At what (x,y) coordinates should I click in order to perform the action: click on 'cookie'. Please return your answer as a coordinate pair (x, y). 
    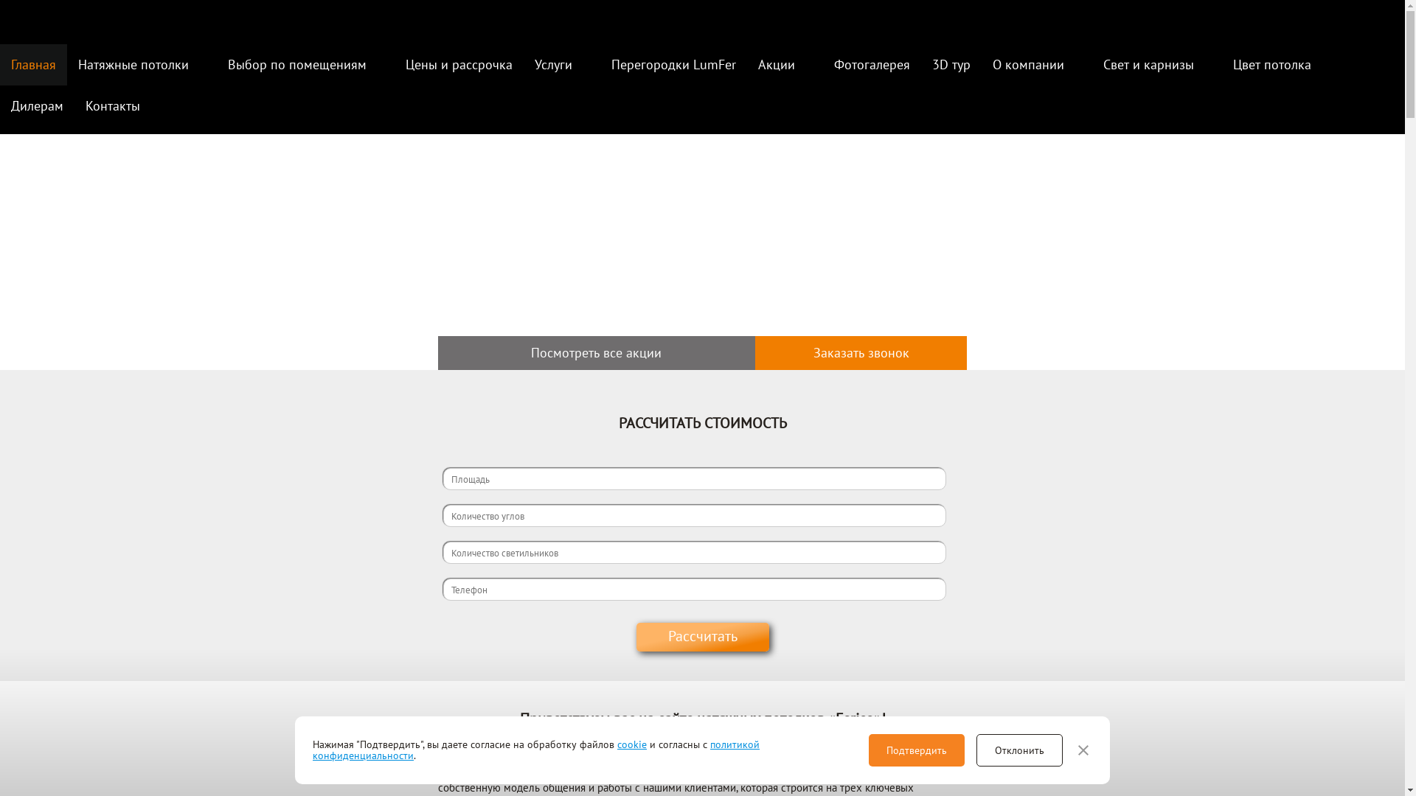
    Looking at the image, I should click on (632, 744).